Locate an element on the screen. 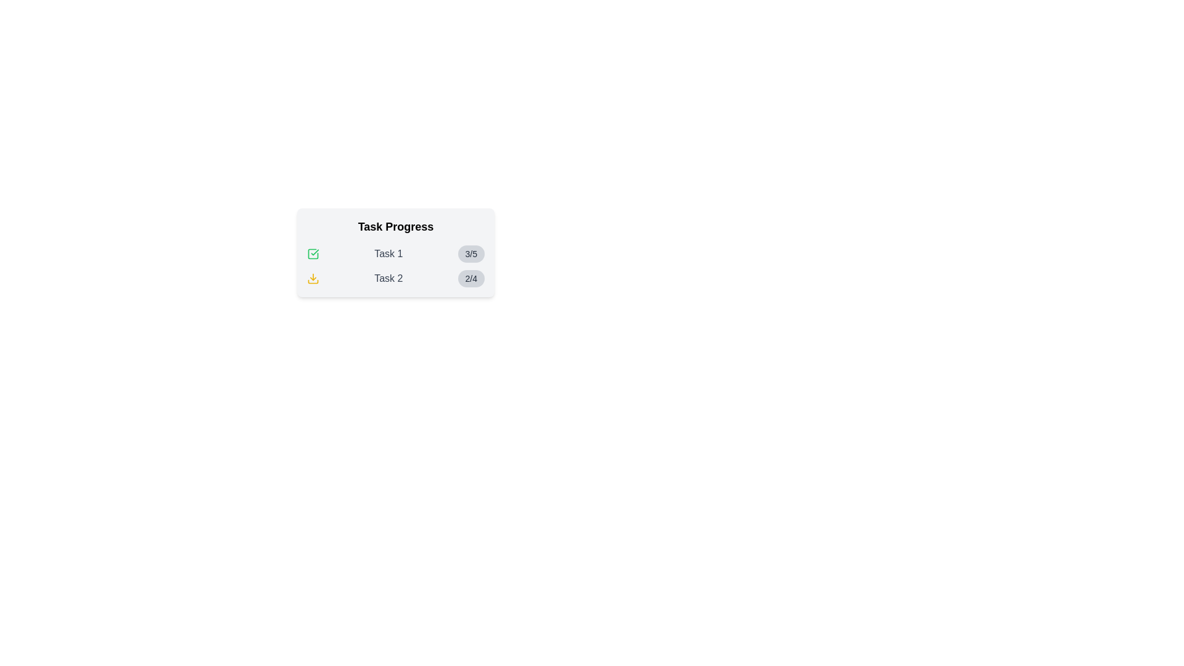  the label that displays 'Task 2', which is the second text label in a vertically stacked list of tasks, positioned to the right of a download icon and to the left of a progress label '2/4' is located at coordinates (388, 278).